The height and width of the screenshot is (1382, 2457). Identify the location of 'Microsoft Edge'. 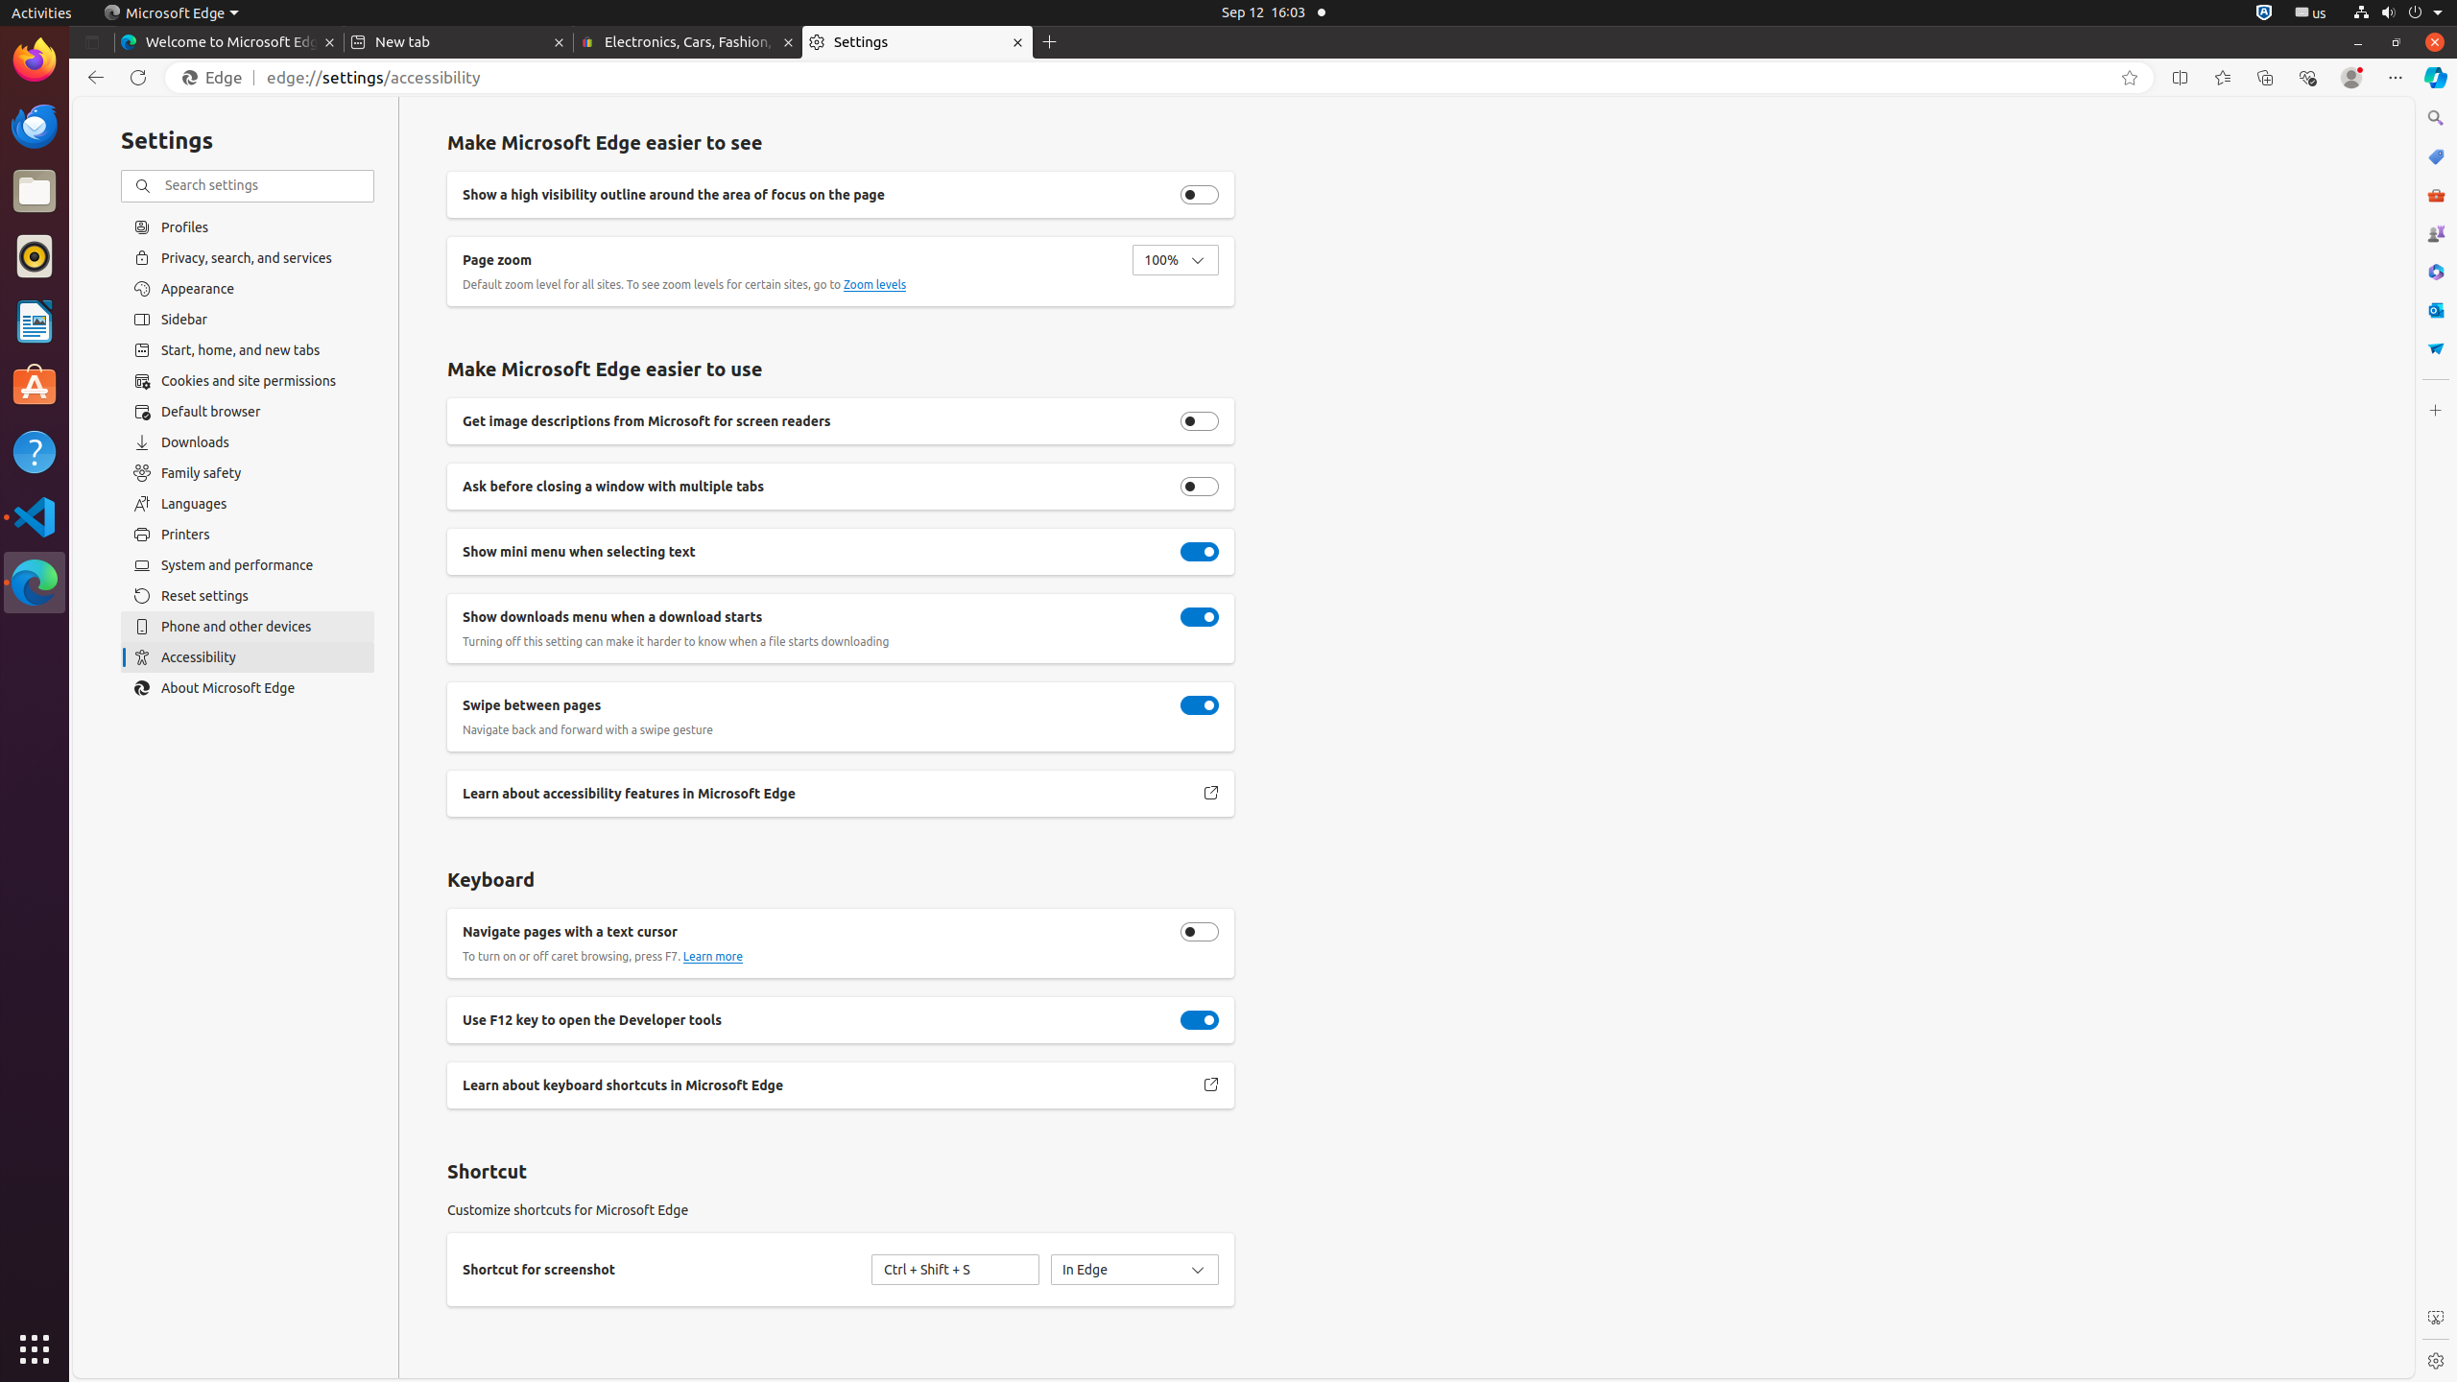
(171, 12).